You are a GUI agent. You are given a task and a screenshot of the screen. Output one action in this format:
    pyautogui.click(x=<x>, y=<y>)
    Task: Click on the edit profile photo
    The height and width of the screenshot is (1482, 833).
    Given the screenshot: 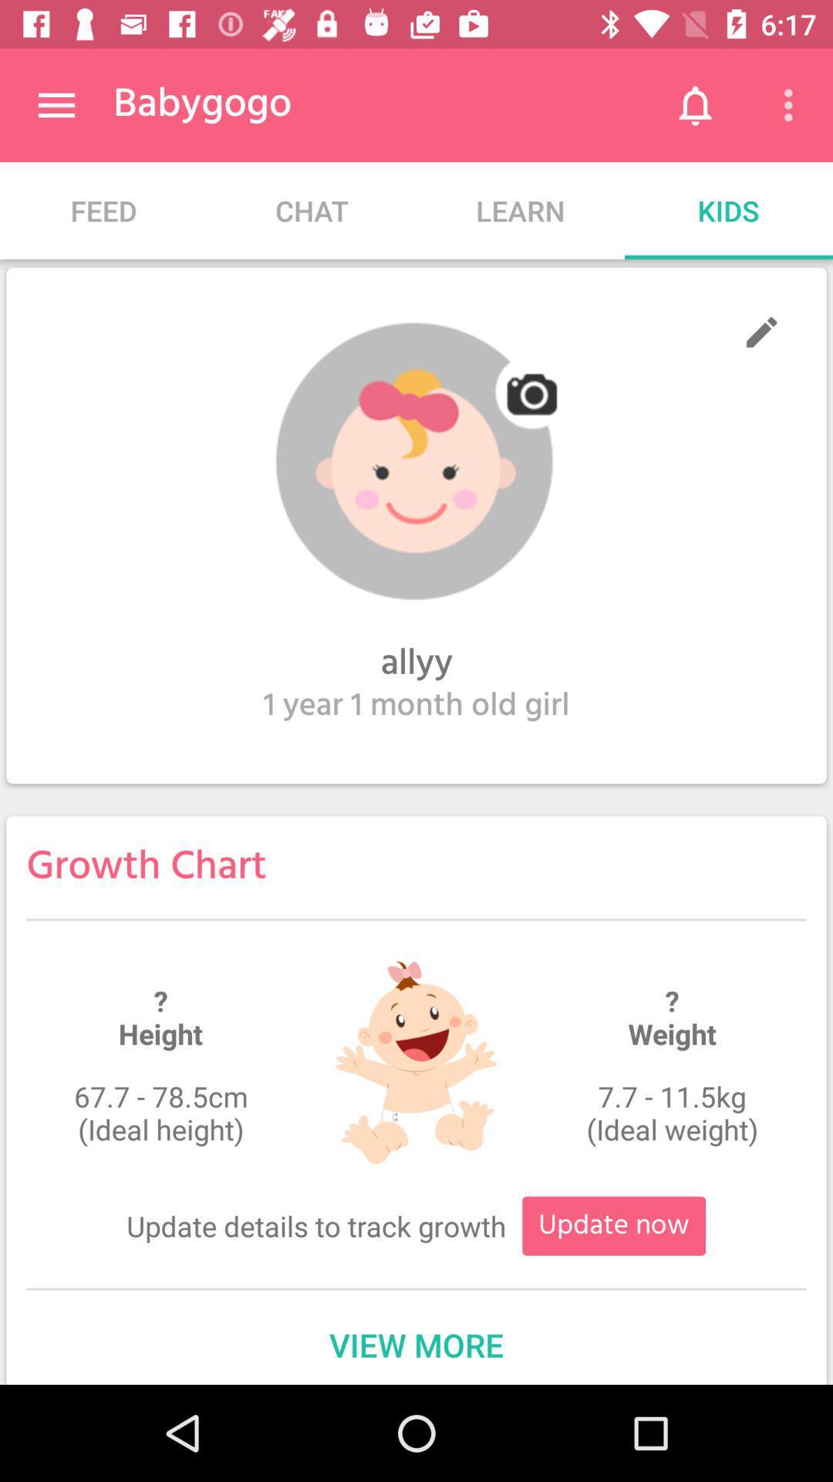 What is the action you would take?
    pyautogui.click(x=416, y=461)
    